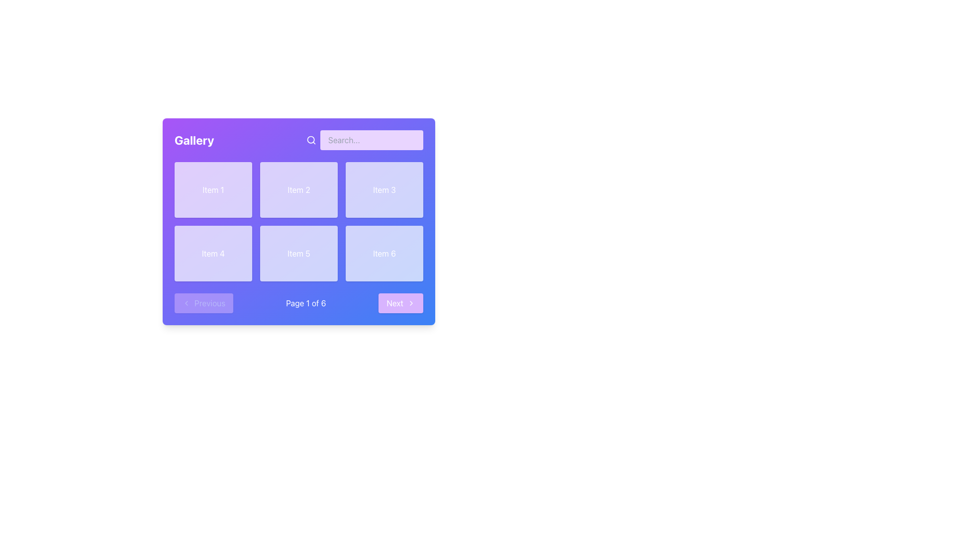 This screenshot has width=955, height=537. What do you see at coordinates (383, 253) in the screenshot?
I see `the Text Label indicating 'Item 6' located in the lower-right section of the grid` at bounding box center [383, 253].